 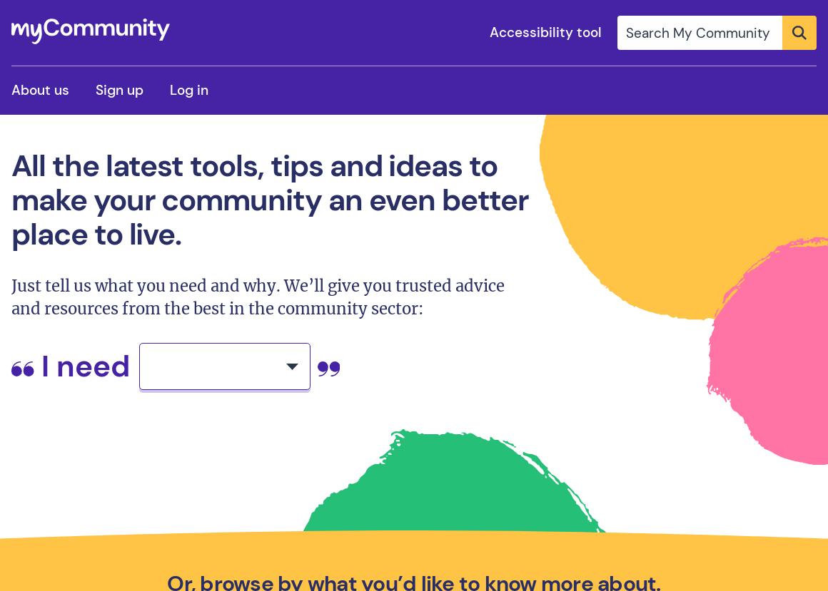 What do you see at coordinates (11, 199) in the screenshot?
I see `'All the latest tools, tips and ideas to make your community an even better place to live.'` at bounding box center [11, 199].